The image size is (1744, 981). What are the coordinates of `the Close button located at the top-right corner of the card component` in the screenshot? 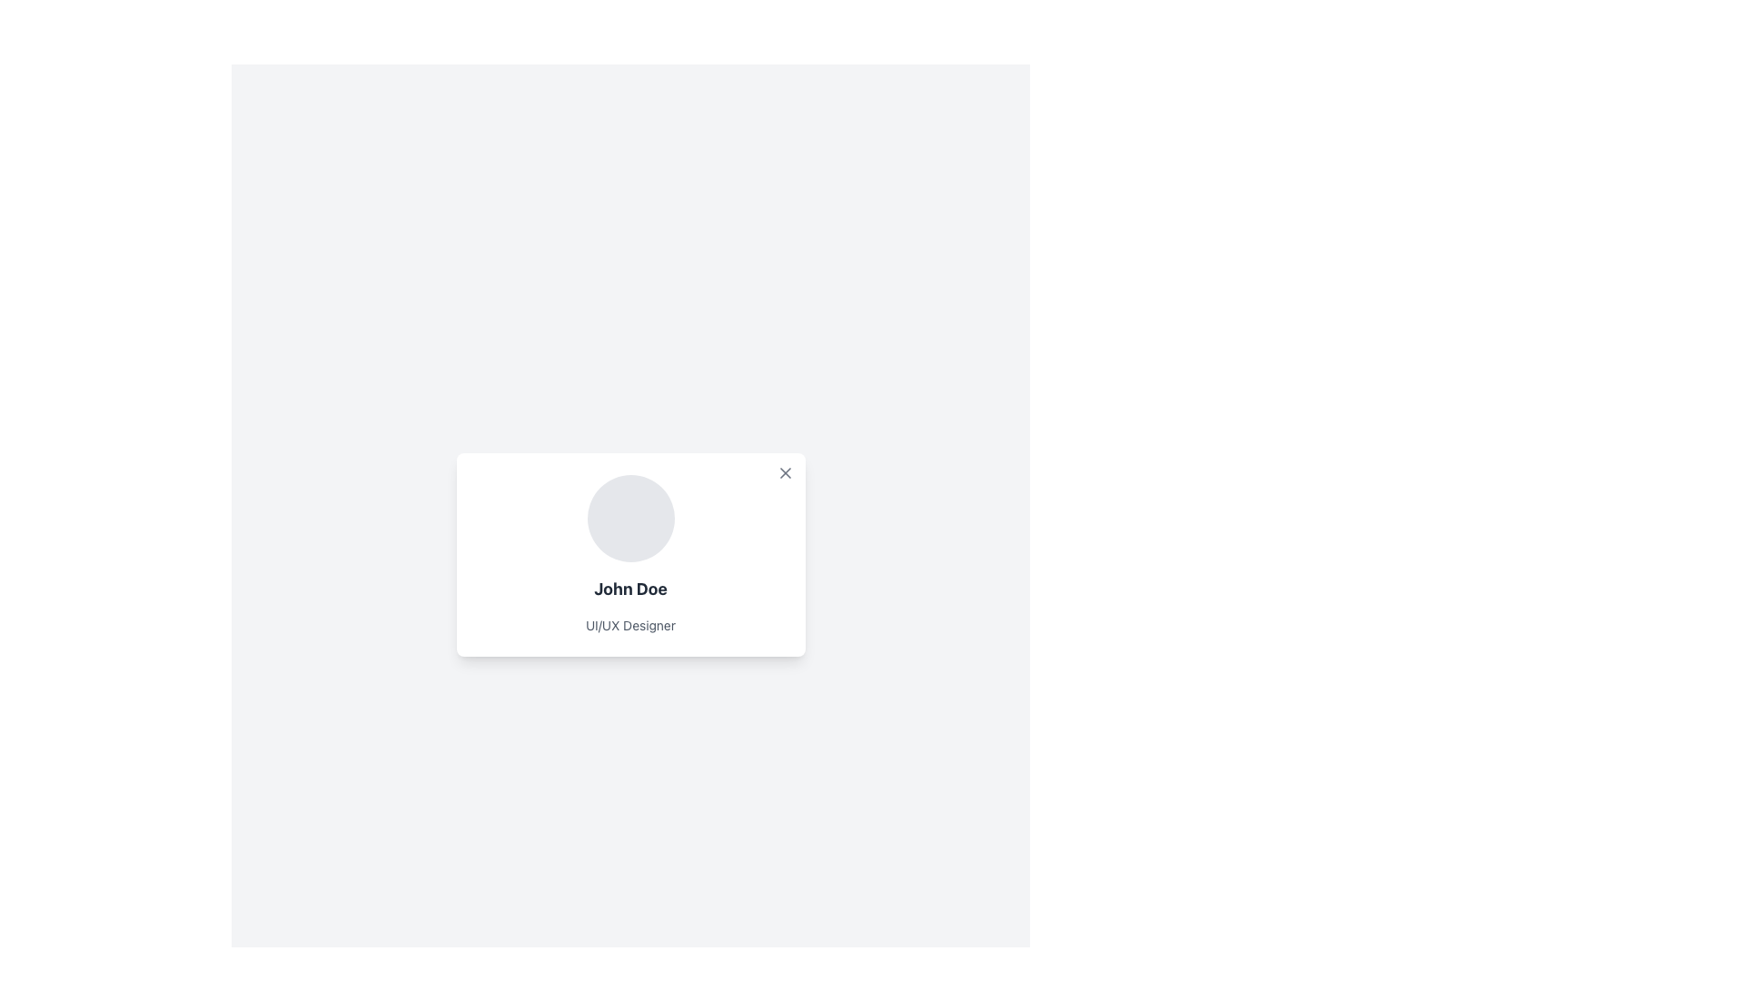 It's located at (785, 471).